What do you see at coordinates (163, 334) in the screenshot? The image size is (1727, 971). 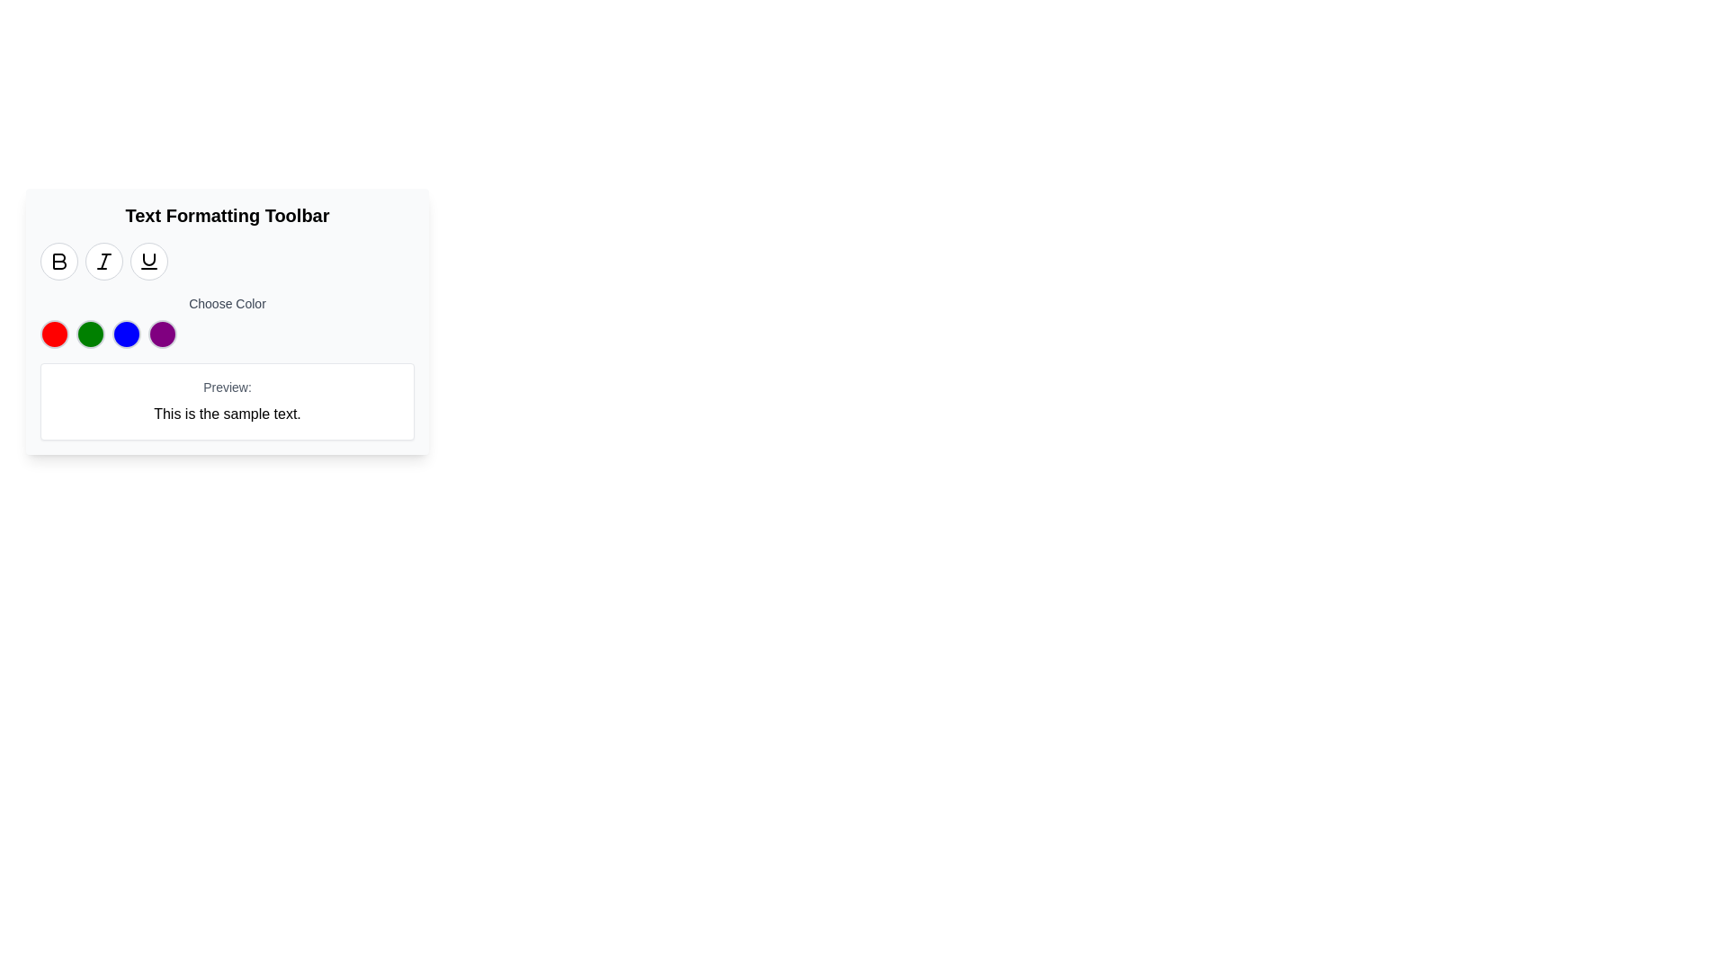 I see `the fourth button from the left in the horizontal selection of color buttons` at bounding box center [163, 334].